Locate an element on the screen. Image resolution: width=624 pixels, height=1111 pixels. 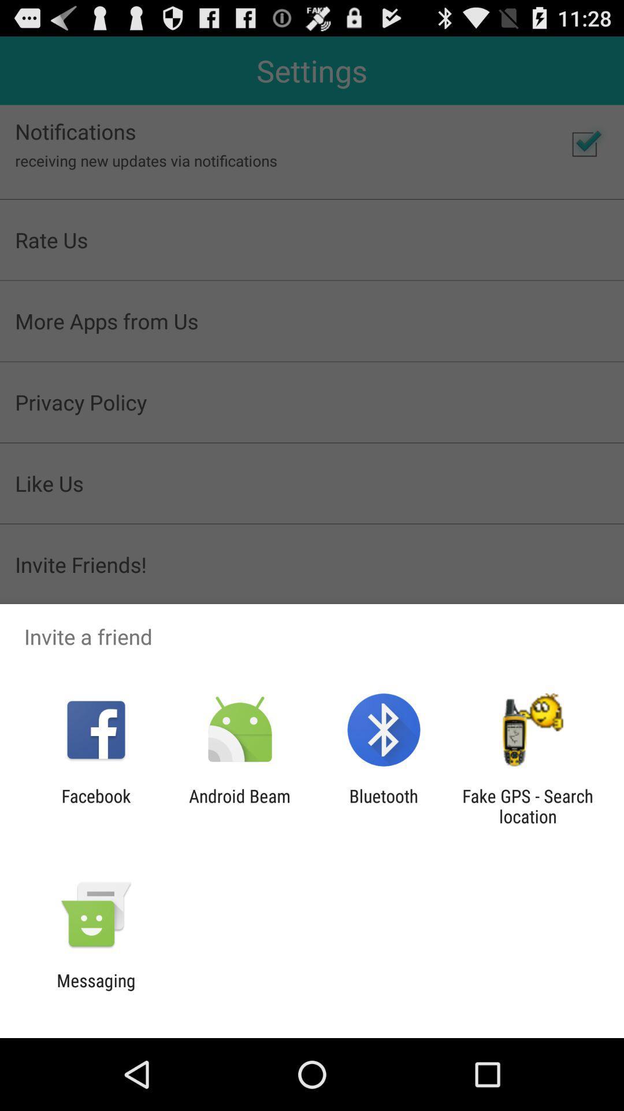
the app to the right of the android beam is located at coordinates (384, 805).